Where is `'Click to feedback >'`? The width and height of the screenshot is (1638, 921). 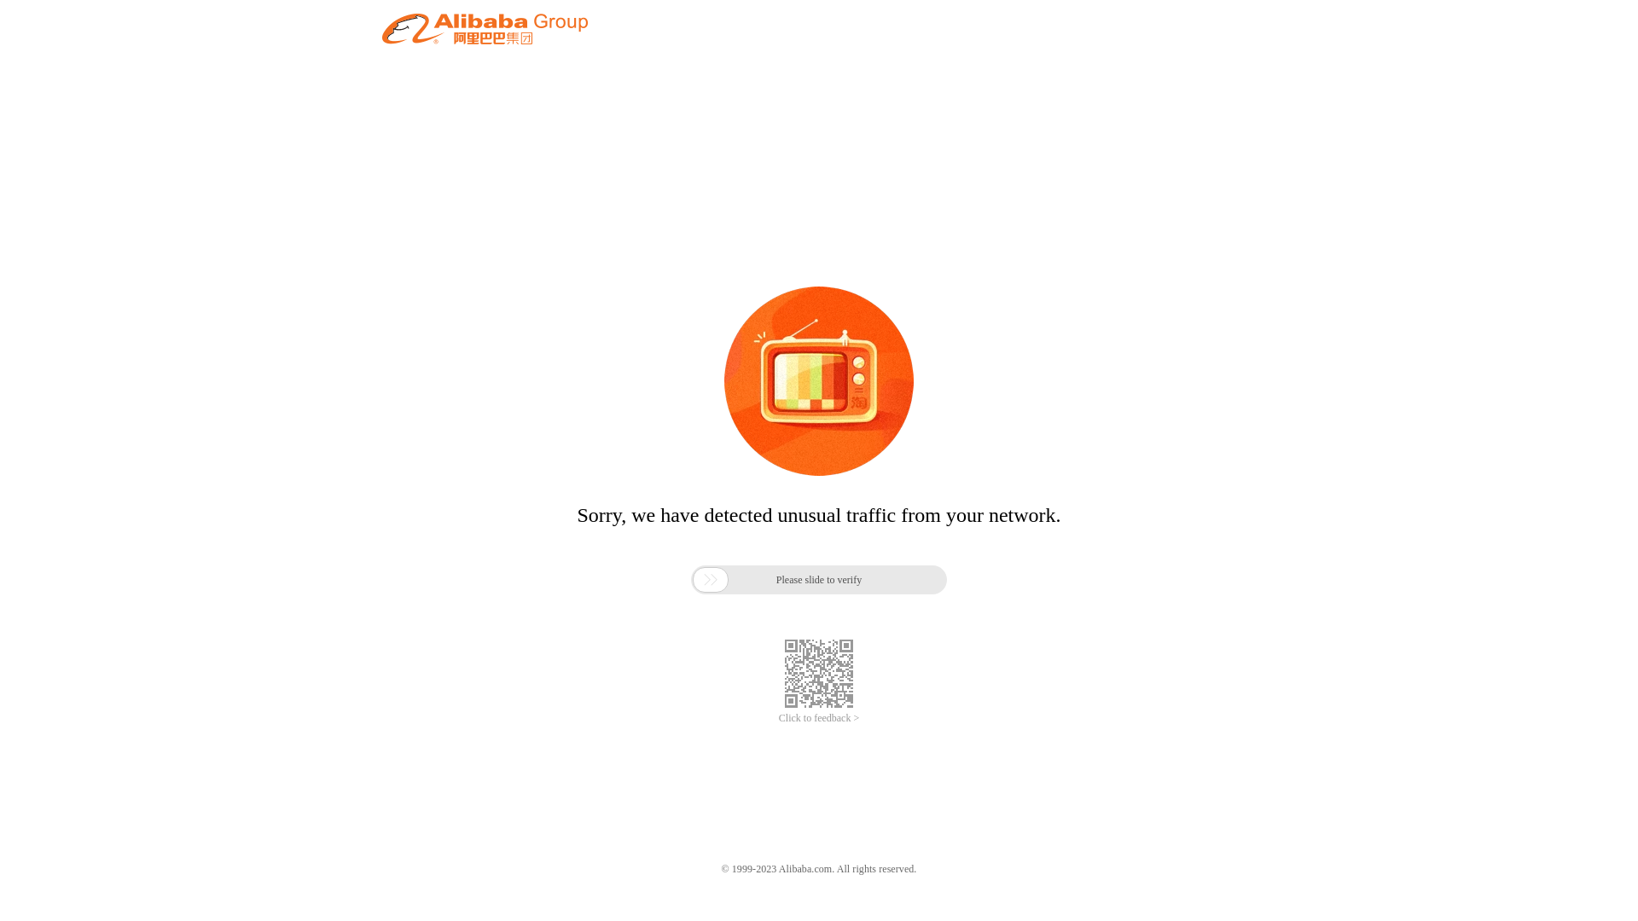 'Click to feedback >' is located at coordinates (777, 718).